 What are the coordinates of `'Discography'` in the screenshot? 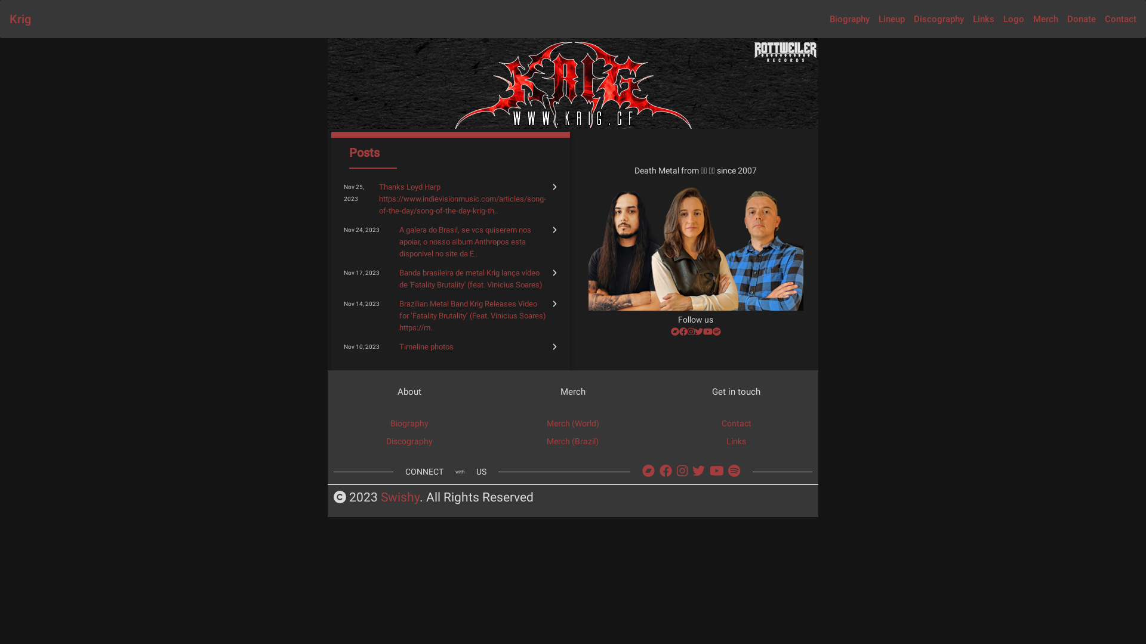 It's located at (938, 18).